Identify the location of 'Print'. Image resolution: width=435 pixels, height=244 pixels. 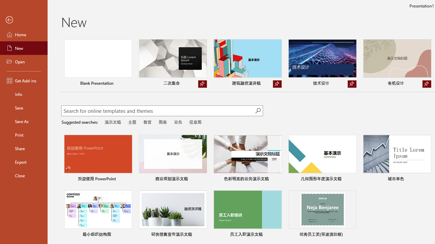
(23, 135).